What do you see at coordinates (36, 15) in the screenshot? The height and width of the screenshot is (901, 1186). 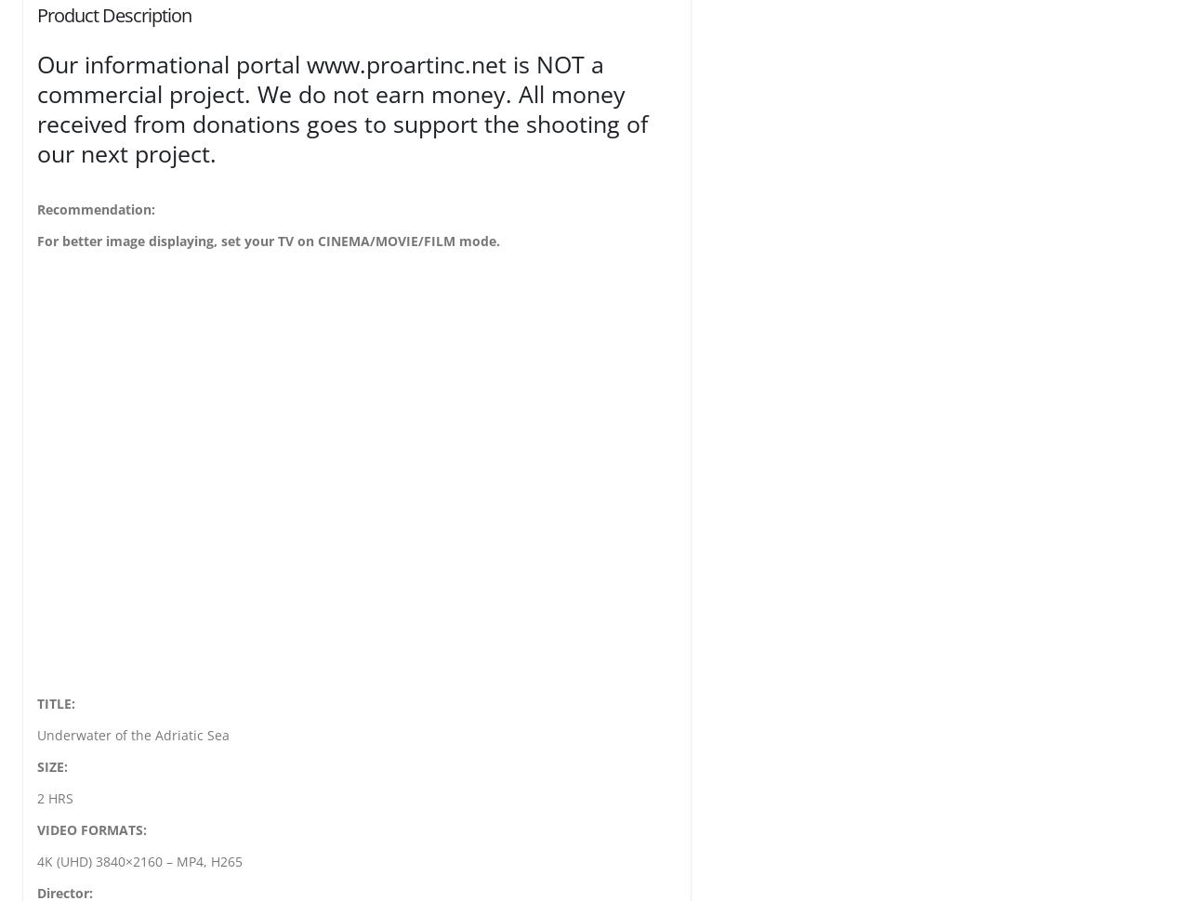 I see `'Product Description'` at bounding box center [36, 15].